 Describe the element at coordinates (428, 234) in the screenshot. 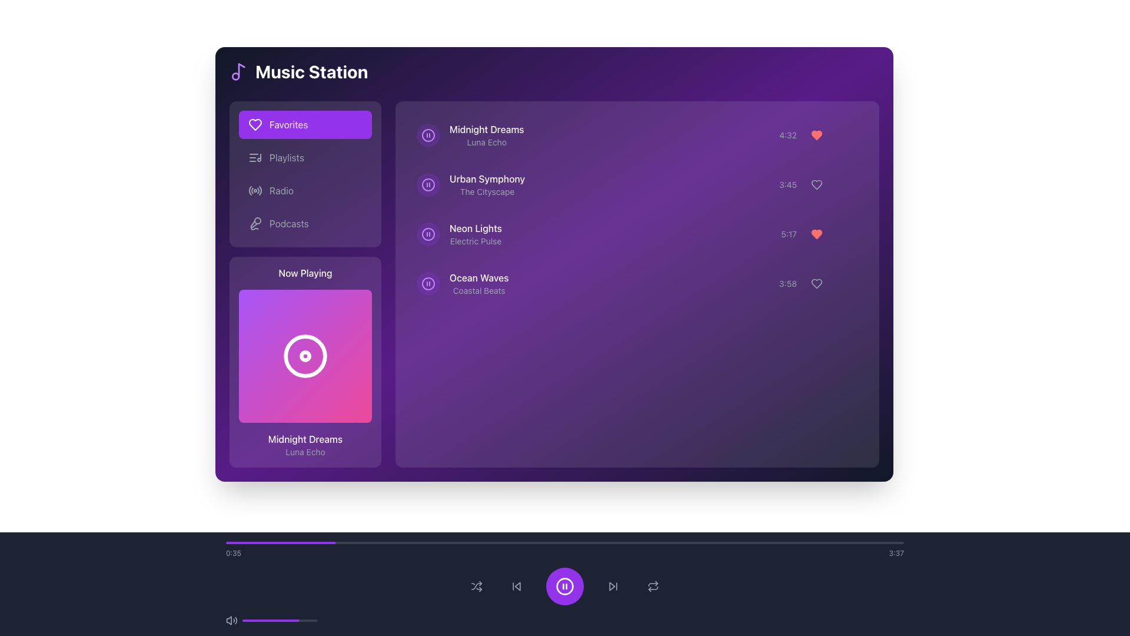

I see `the circular pause button icon styled in purple, located beside the song title 'Neon Lights' and artist 'Electric Pulse'` at that location.